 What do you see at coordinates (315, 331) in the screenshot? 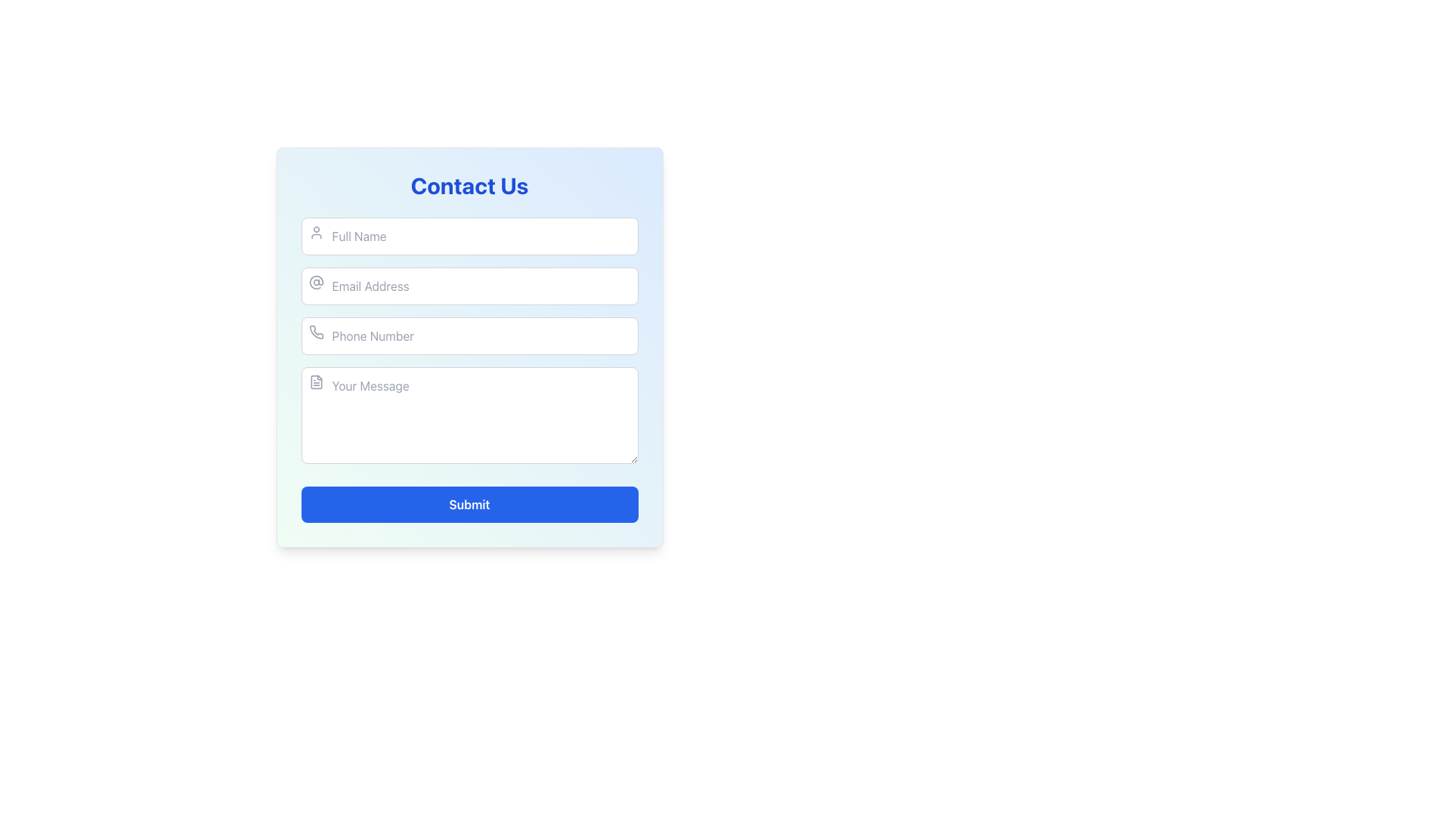
I see `the SVG-based phone receiver icon located to the left of the 'Phone Number' text input field in the 'Contact Us' form` at bounding box center [315, 331].